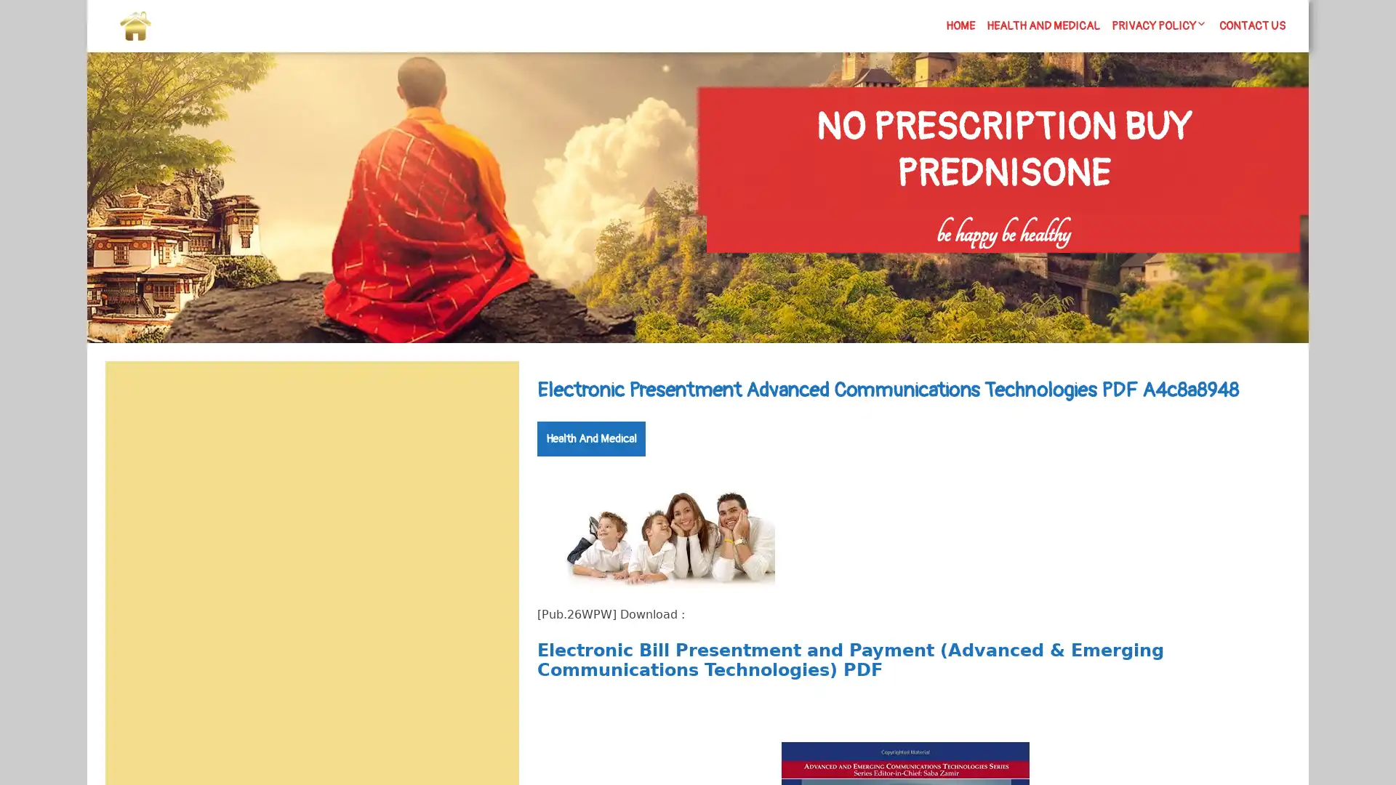 The height and width of the screenshot is (785, 1396). Describe the element at coordinates (1132, 262) in the screenshot. I see `Search` at that location.